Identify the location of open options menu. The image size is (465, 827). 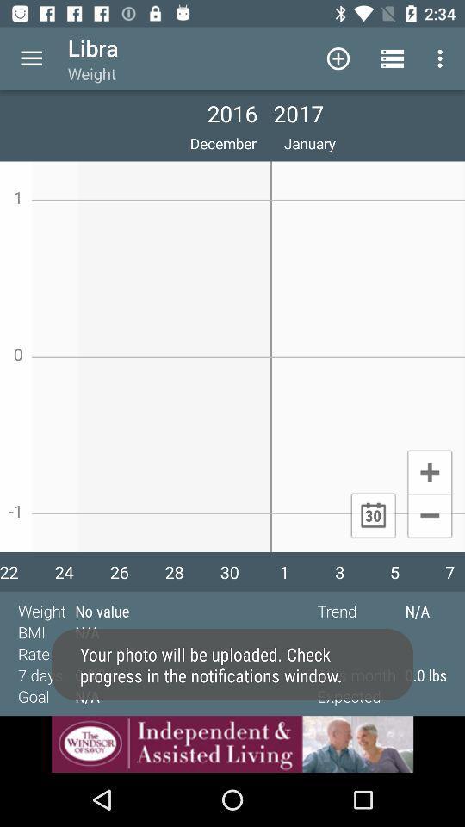
(31, 59).